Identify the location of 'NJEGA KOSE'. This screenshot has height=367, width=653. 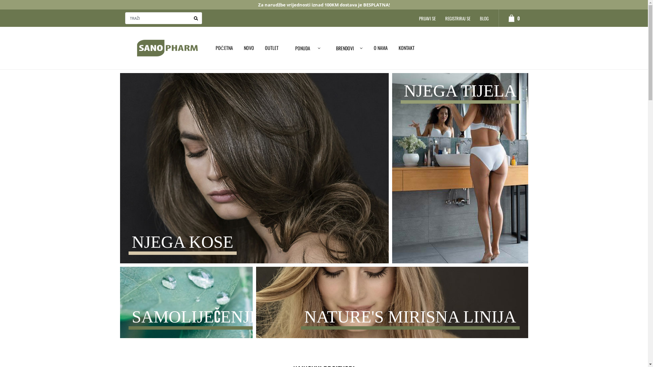
(254, 170).